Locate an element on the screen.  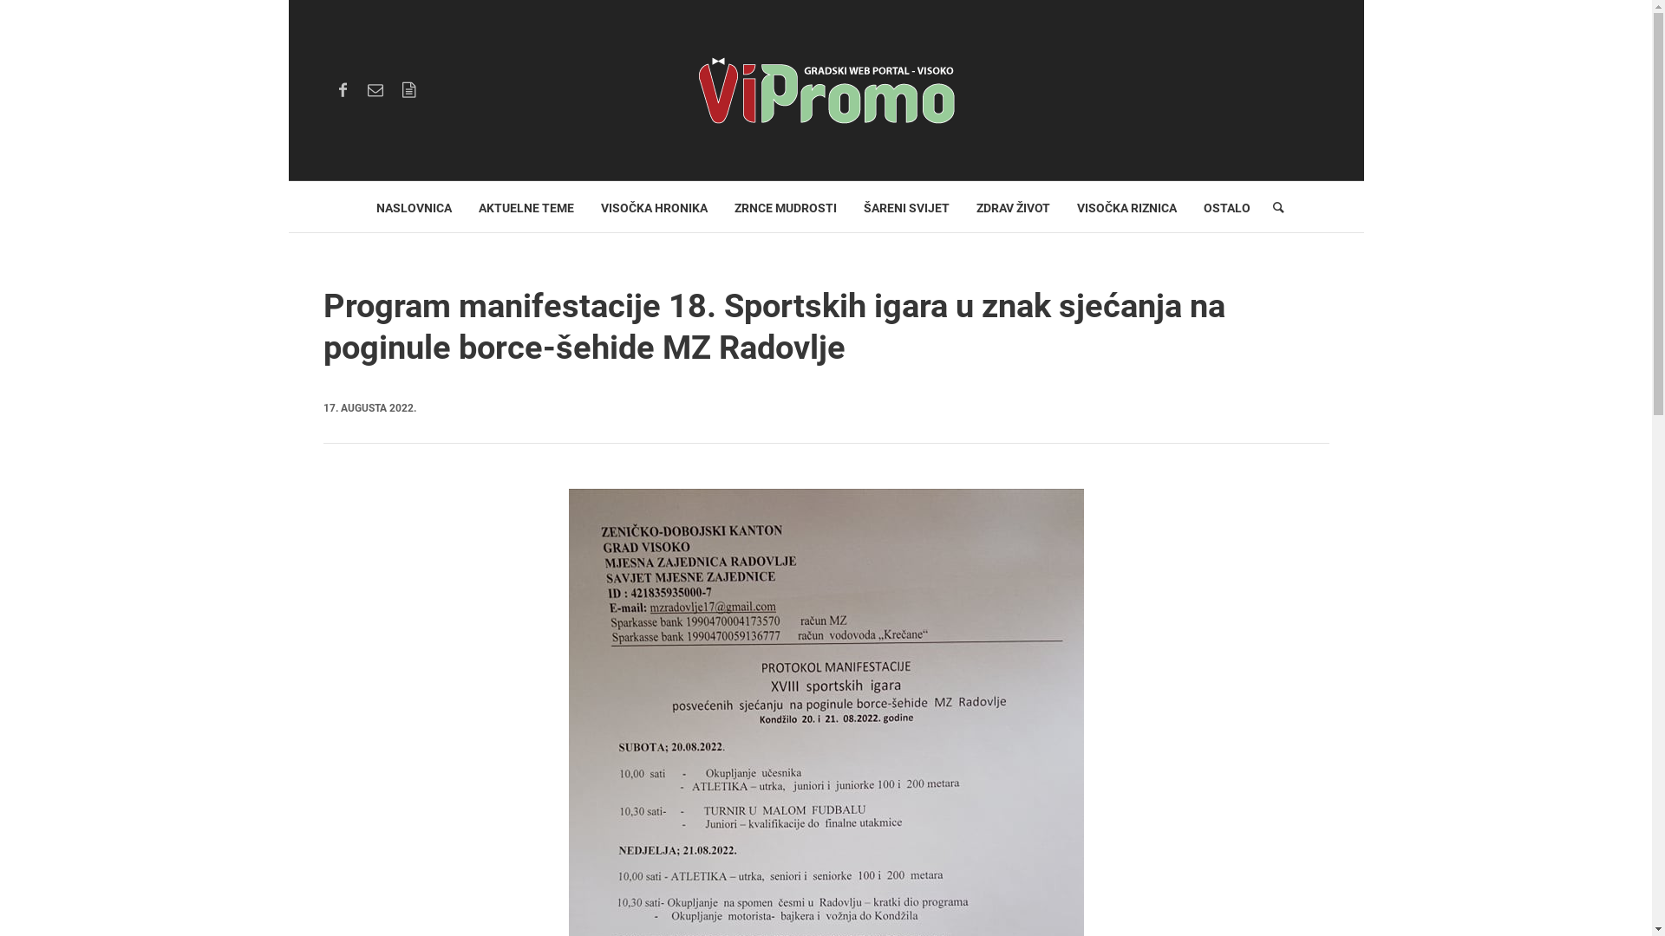
'AKTUELNE TEME' is located at coordinates (525, 205).